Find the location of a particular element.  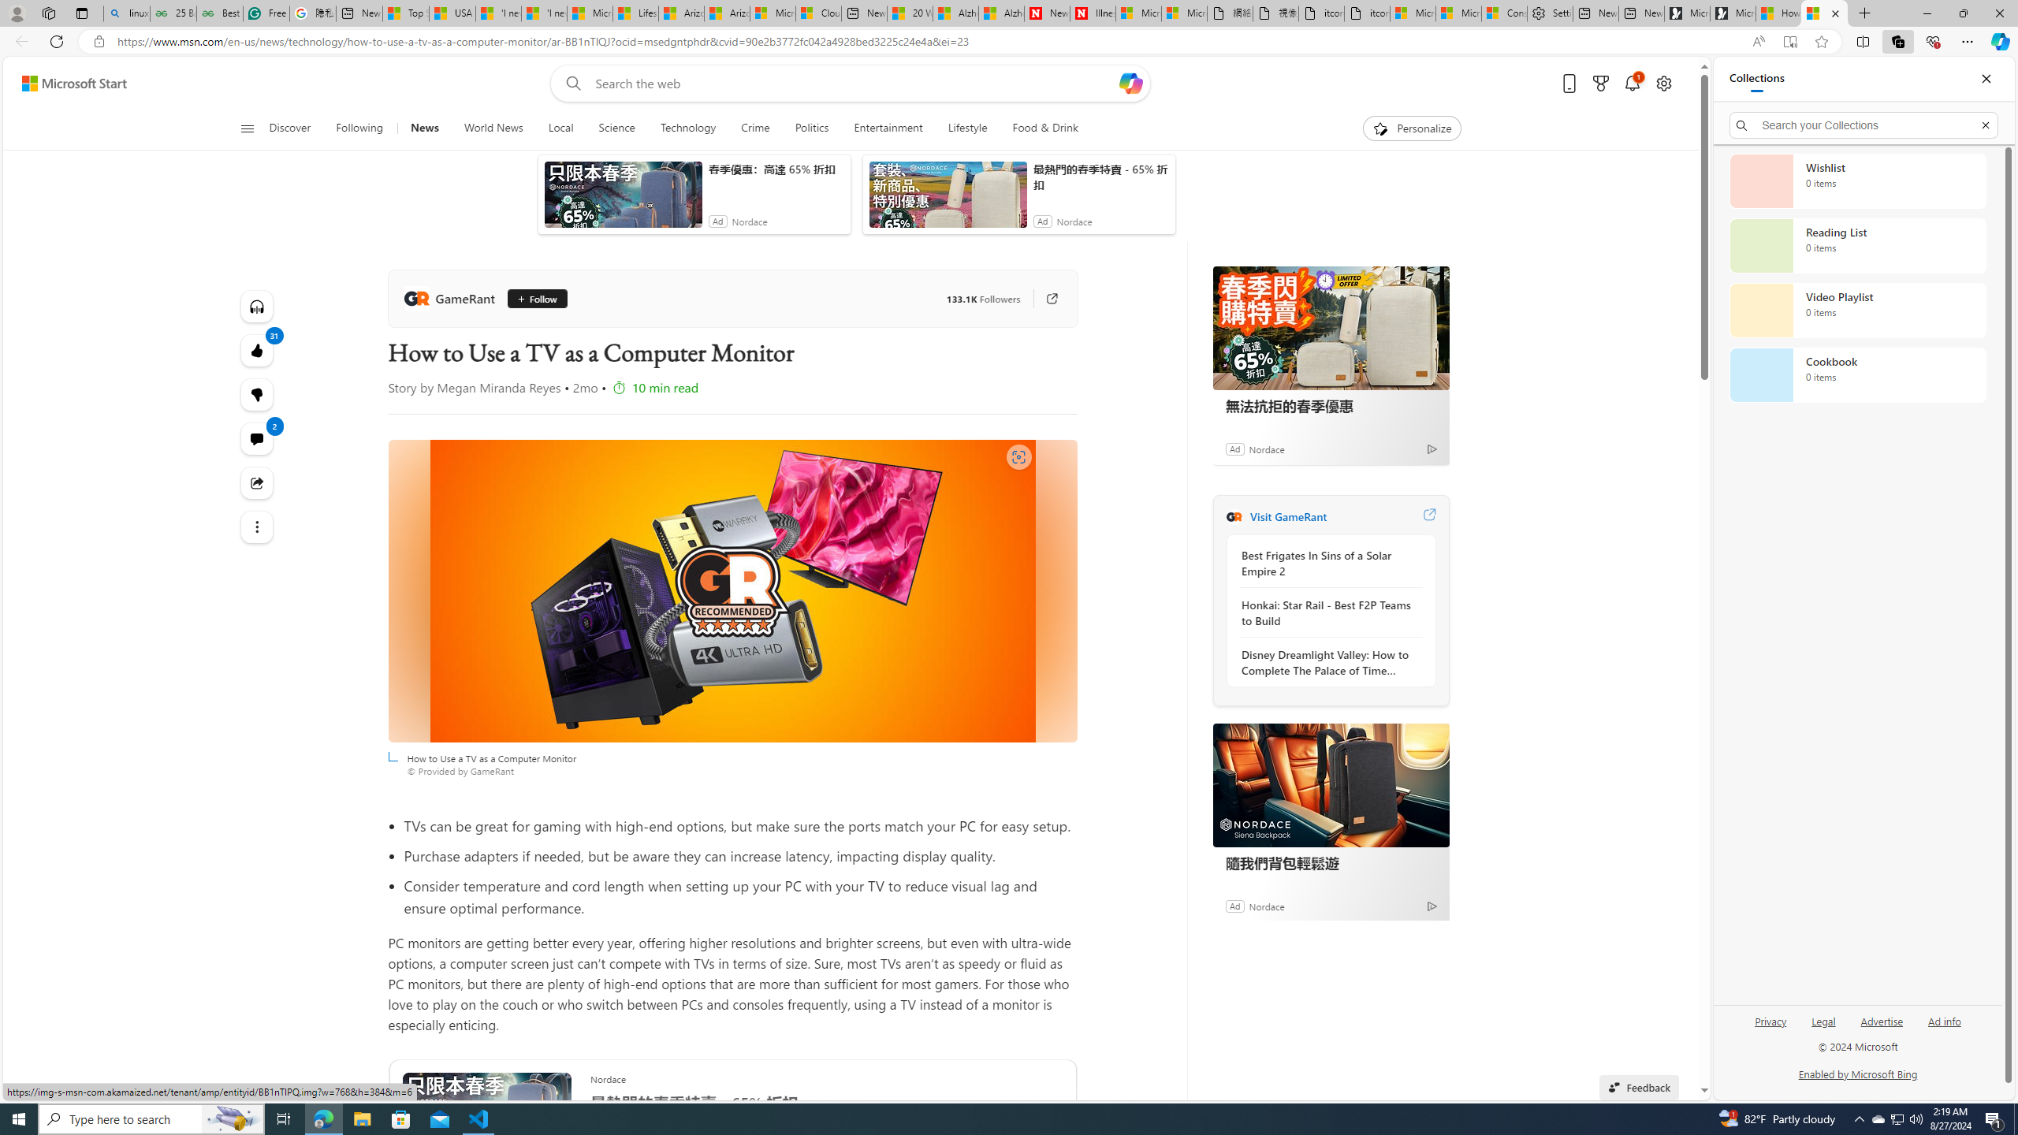

'Class: button-glyph' is located at coordinates (247, 128).